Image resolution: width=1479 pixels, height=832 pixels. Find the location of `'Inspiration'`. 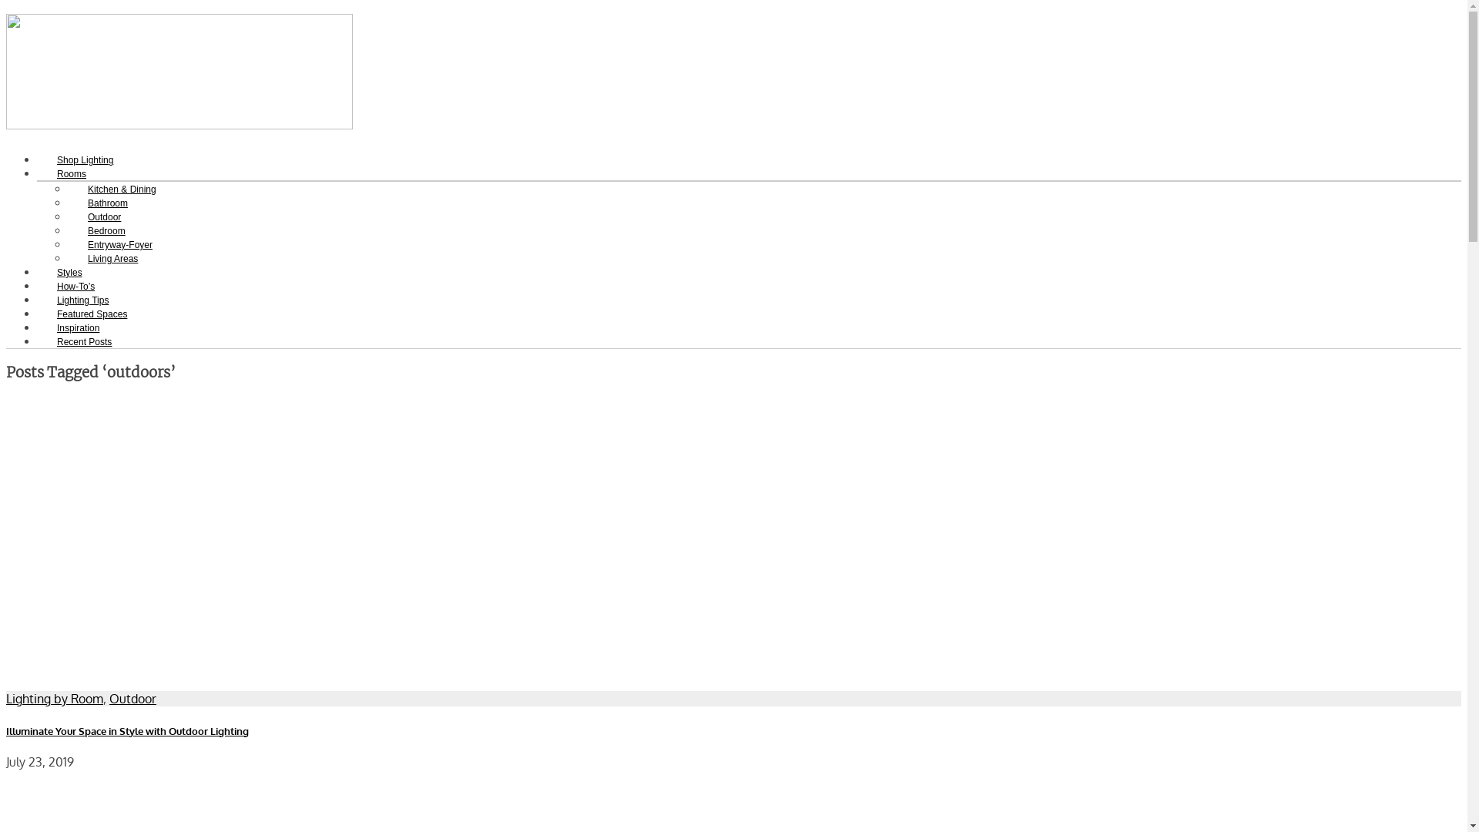

'Inspiration' is located at coordinates (77, 327).